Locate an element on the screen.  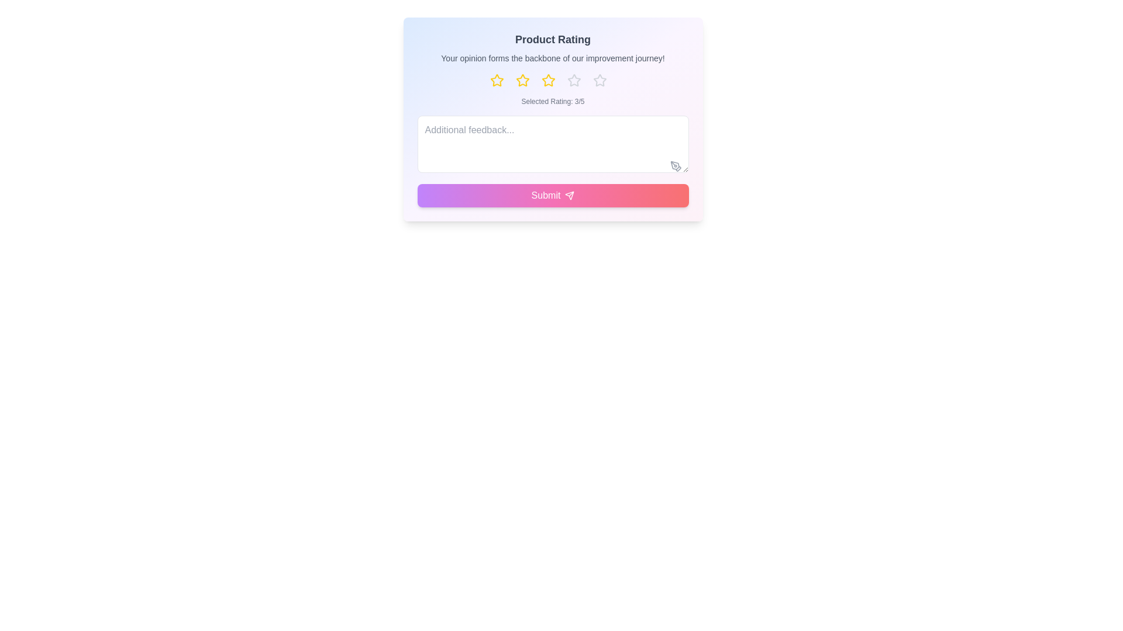
the star button to set the rating to 1 is located at coordinates (501, 80).